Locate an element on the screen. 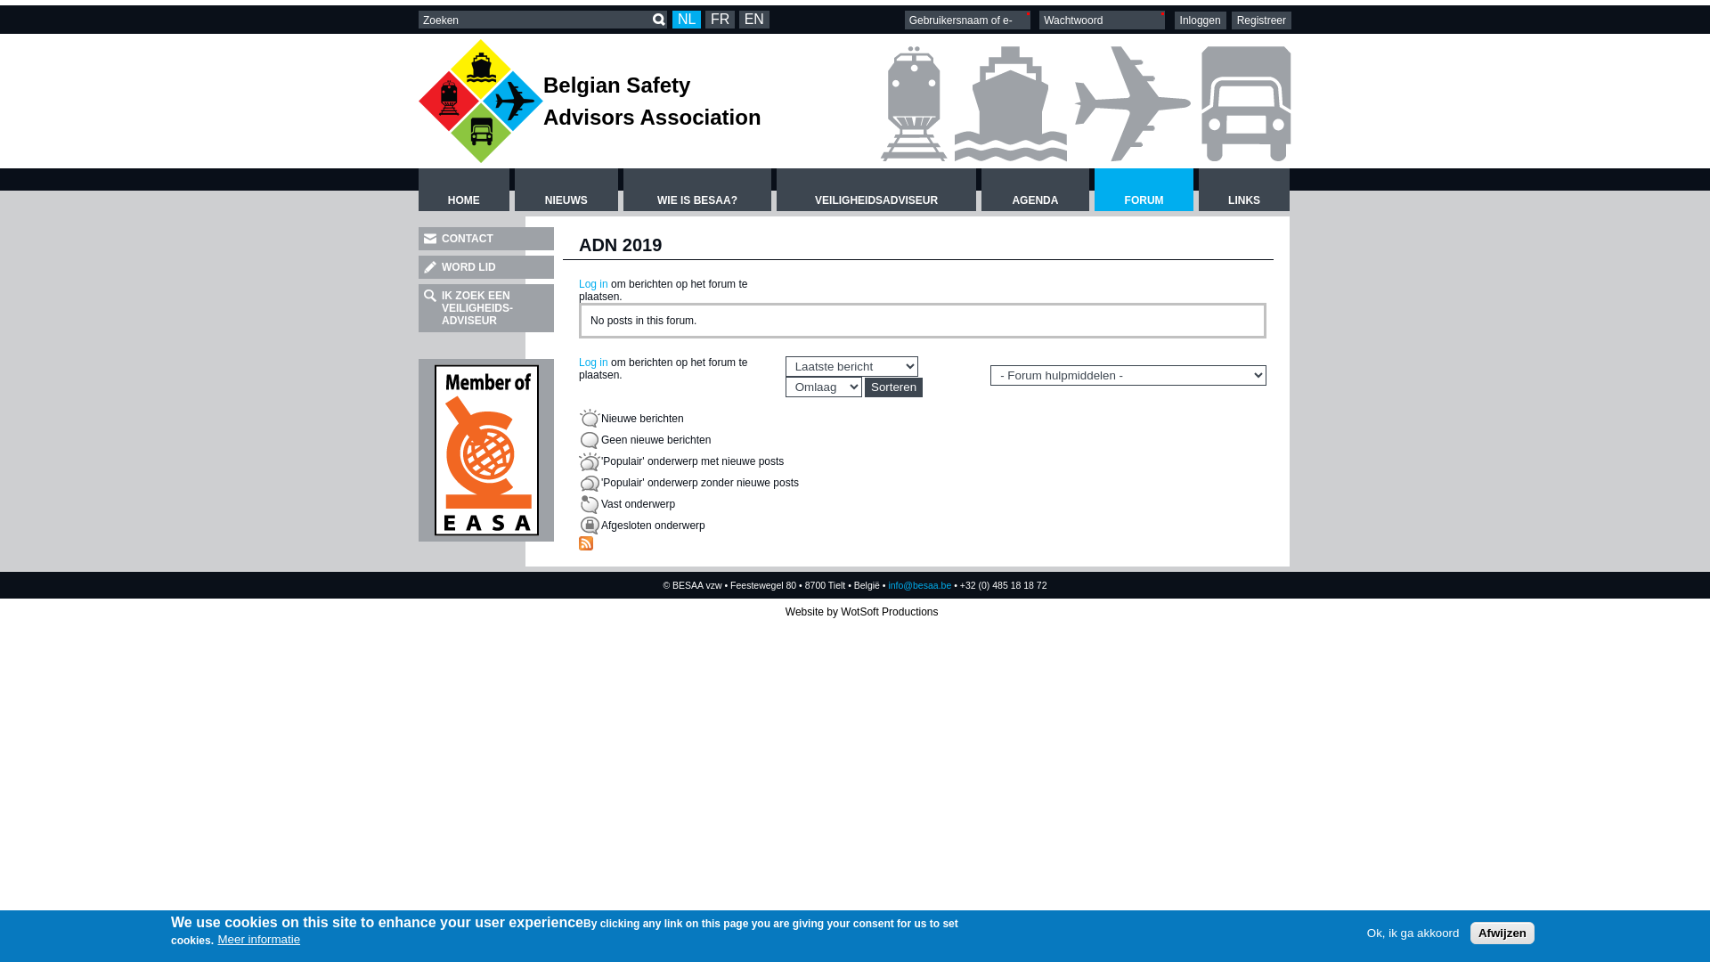 The width and height of the screenshot is (1710, 962). 'HOME' is located at coordinates (464, 189).